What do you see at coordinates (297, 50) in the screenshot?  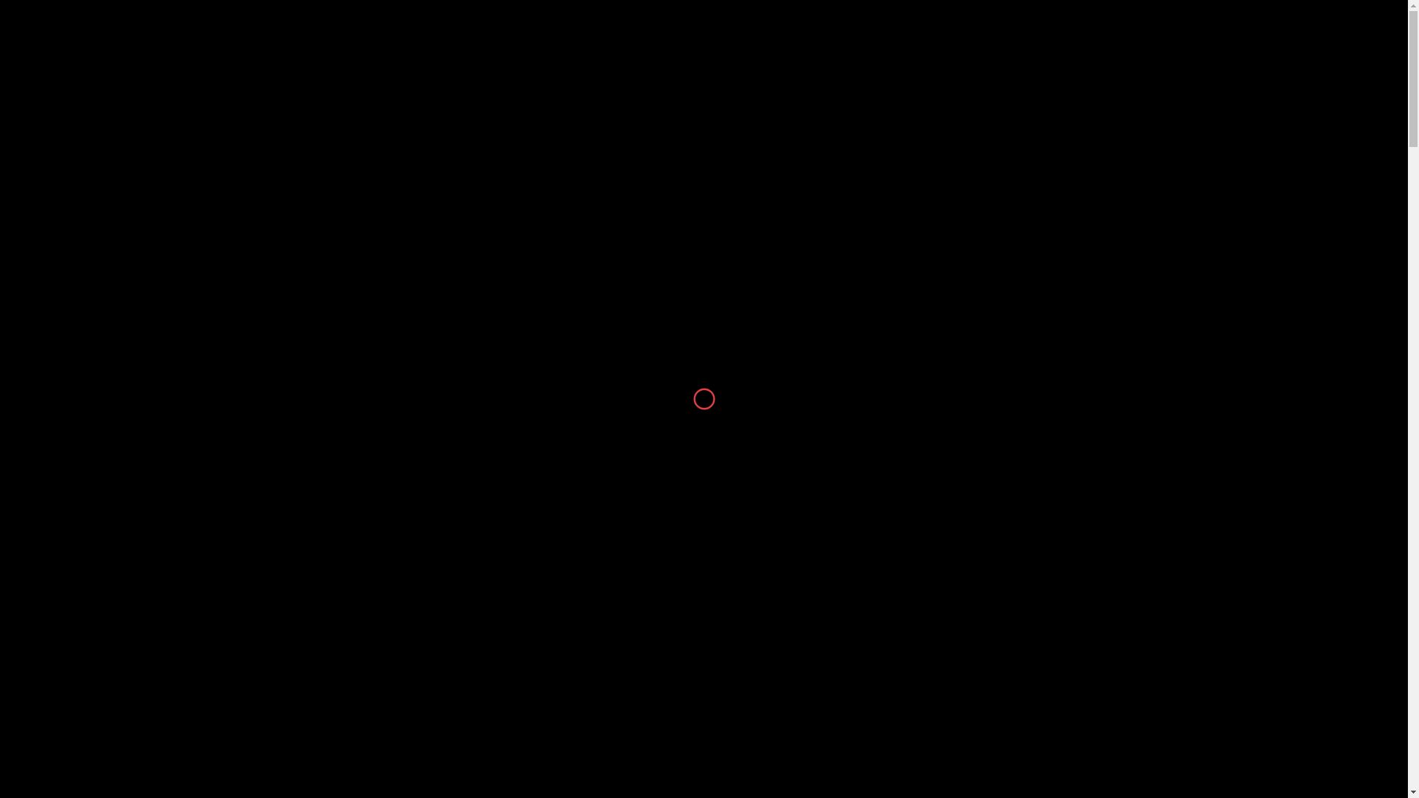 I see `'WOMEN'` at bounding box center [297, 50].